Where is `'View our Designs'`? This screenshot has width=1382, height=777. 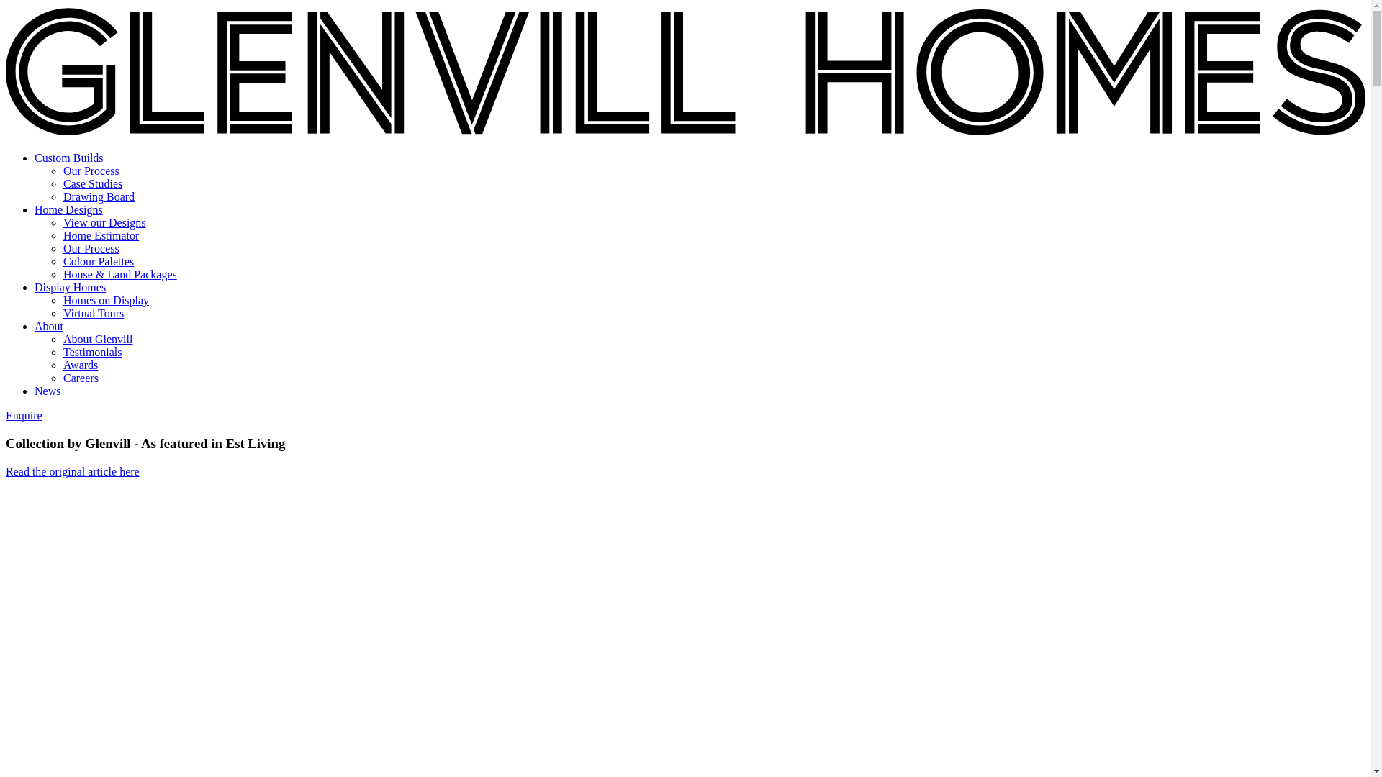
'View our Designs' is located at coordinates (104, 222).